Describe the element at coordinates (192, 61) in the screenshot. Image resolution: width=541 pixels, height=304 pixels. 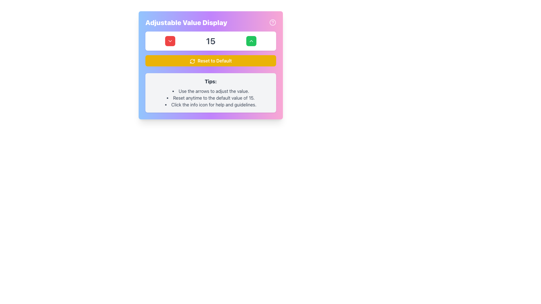
I see `the circular refresh icon, which is outlined in white and has a yellow background, as a visual indicator of the reset functionality located within the 'Reset to Default' button` at that location.